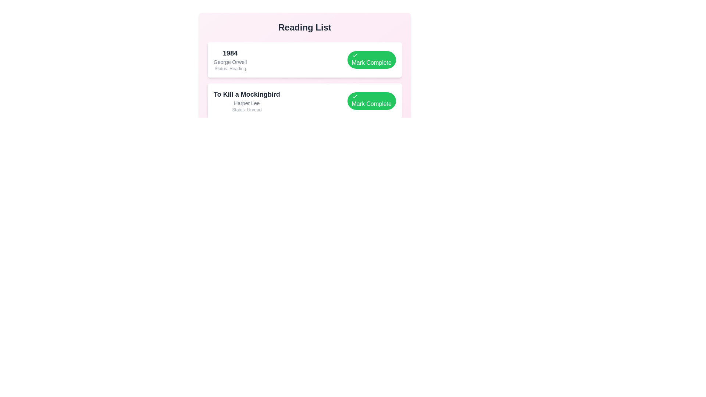  Describe the element at coordinates (371, 101) in the screenshot. I see `'Mark Complete' button for the book titled 'To Kill a Mockingbird'` at that location.